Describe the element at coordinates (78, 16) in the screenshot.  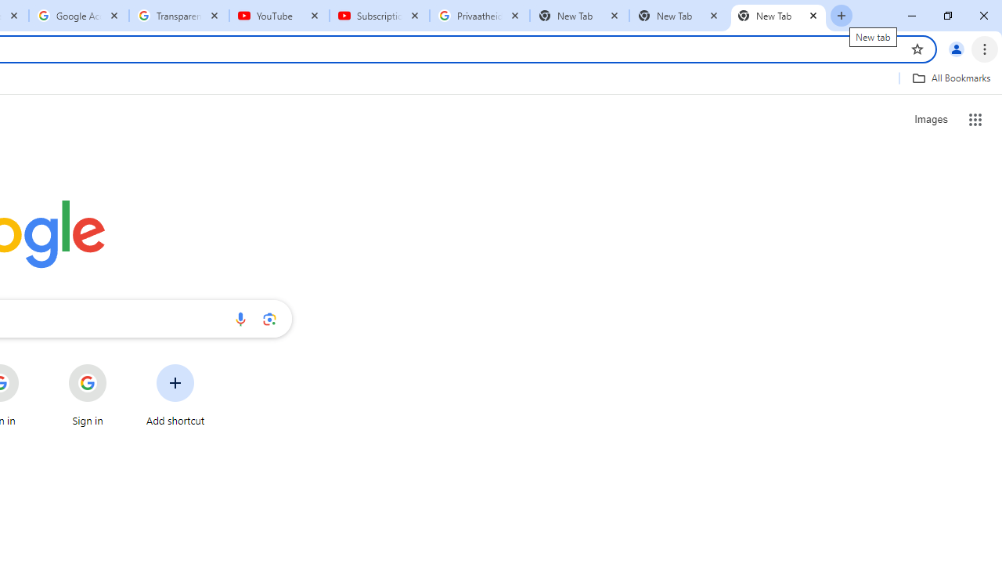
I see `'Google Account'` at that location.